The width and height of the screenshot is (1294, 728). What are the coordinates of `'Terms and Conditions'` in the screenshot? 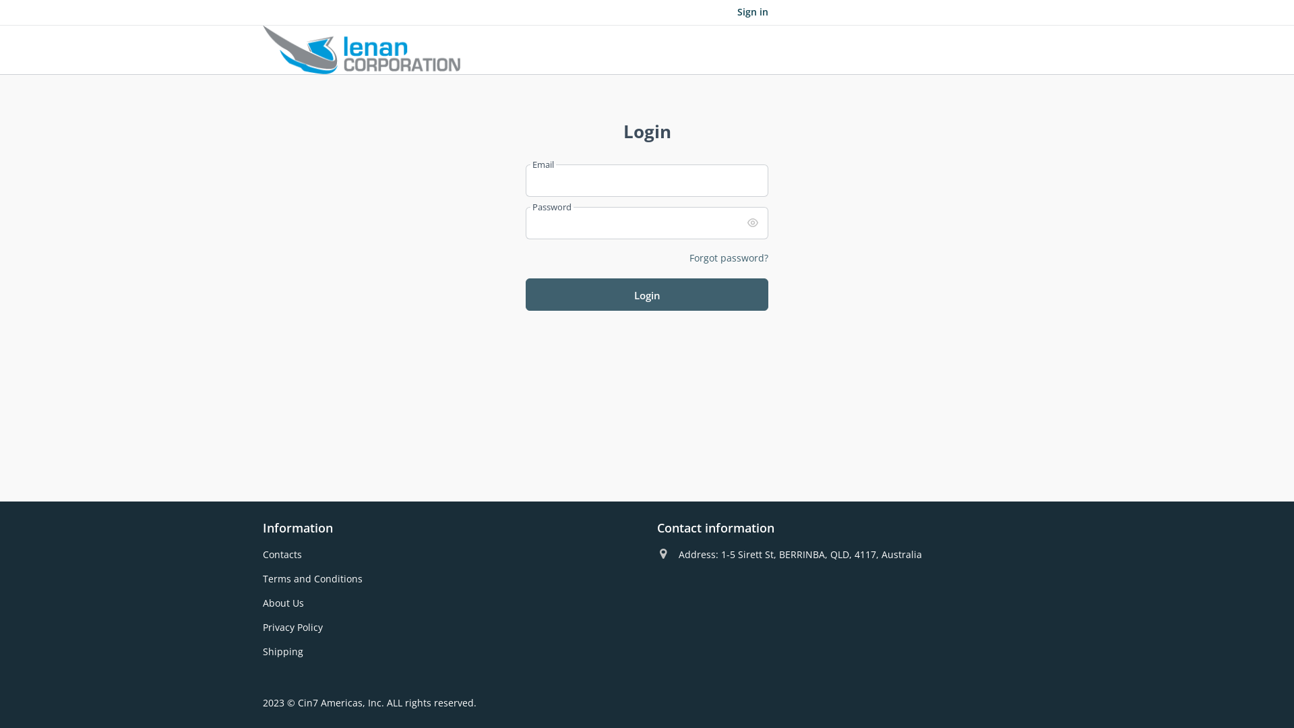 It's located at (312, 578).